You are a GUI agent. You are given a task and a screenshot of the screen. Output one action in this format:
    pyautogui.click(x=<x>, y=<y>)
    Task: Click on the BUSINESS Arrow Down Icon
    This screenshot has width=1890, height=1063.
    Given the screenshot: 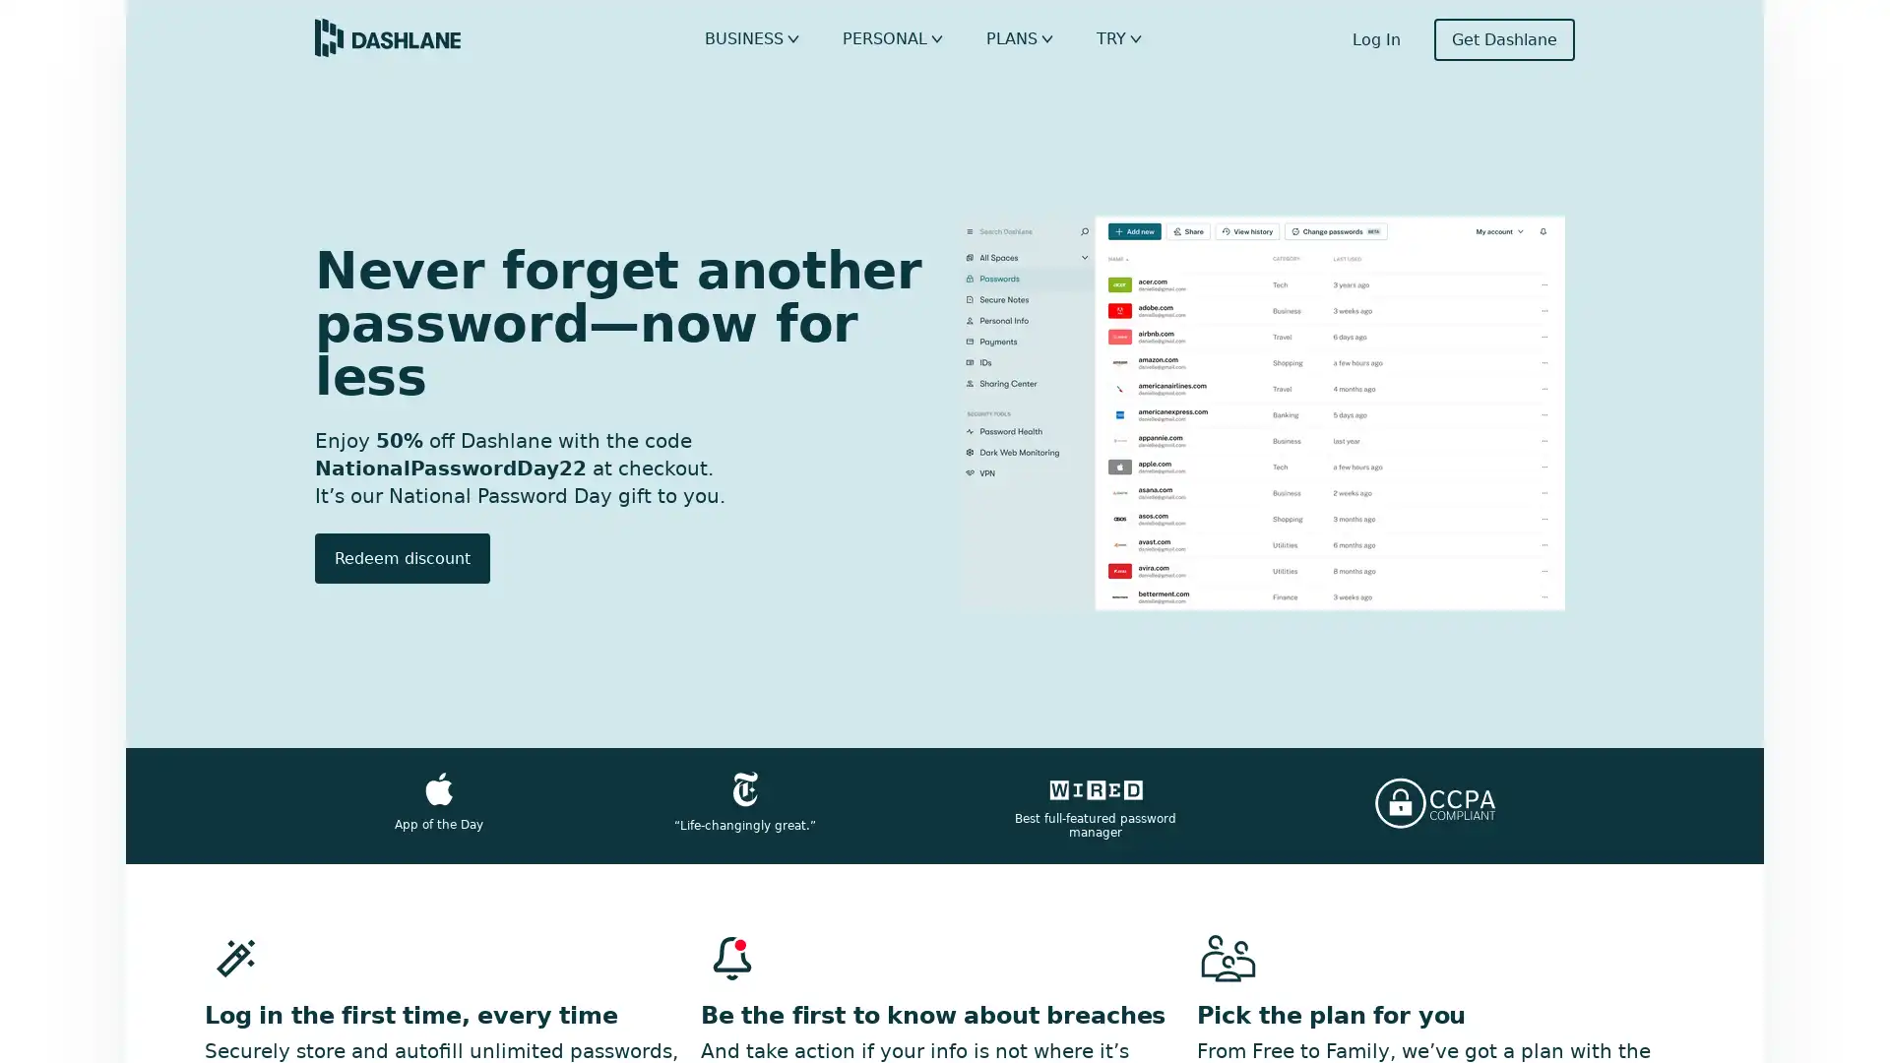 What is the action you would take?
    pyautogui.click(x=769, y=38)
    